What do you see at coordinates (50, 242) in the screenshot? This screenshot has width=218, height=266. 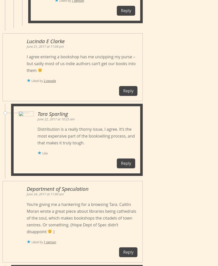 I see `'1 person'` at bounding box center [50, 242].